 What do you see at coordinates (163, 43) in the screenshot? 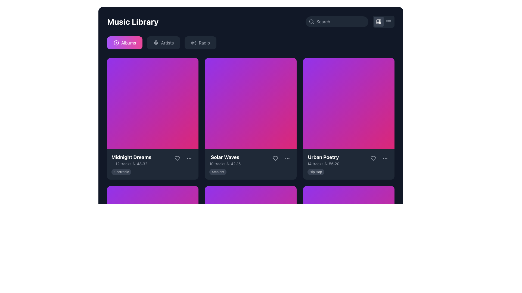
I see `the 'Artists' navigation button in the horizontal navigation bar to change its text color` at bounding box center [163, 43].